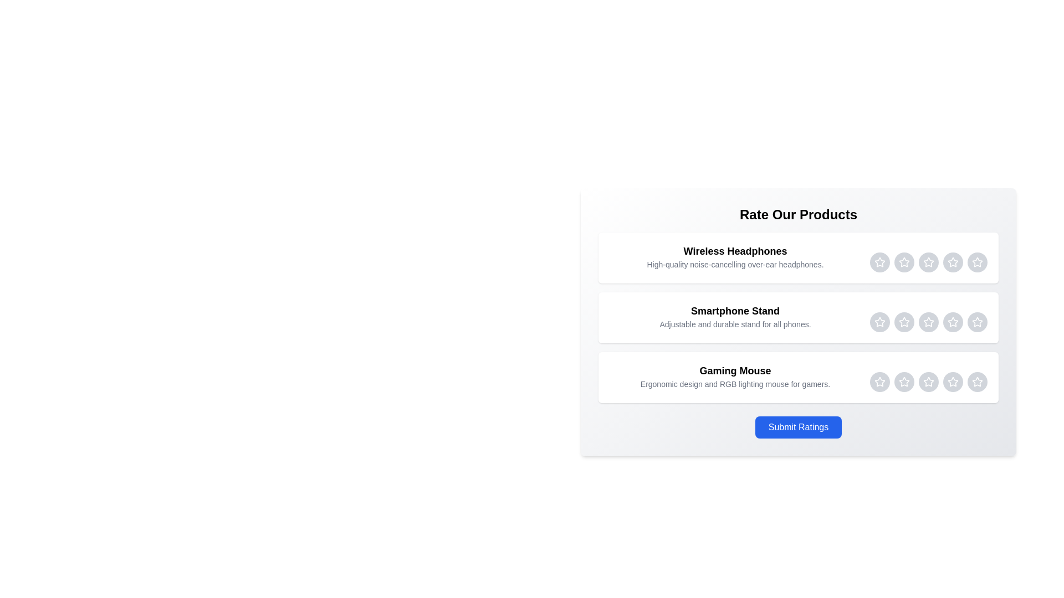 This screenshot has height=598, width=1064. Describe the element at coordinates (879, 262) in the screenshot. I see `the Wireless Headphones rating star 1` at that location.